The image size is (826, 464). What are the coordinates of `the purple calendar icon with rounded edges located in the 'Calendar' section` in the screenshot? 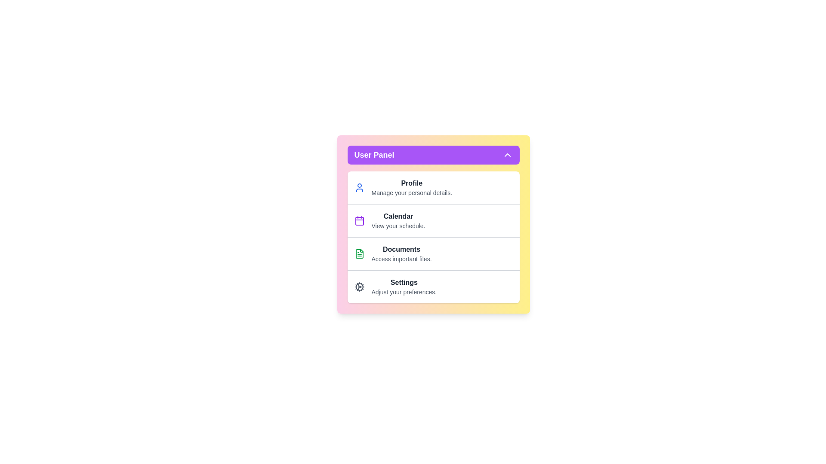 It's located at (359, 220).